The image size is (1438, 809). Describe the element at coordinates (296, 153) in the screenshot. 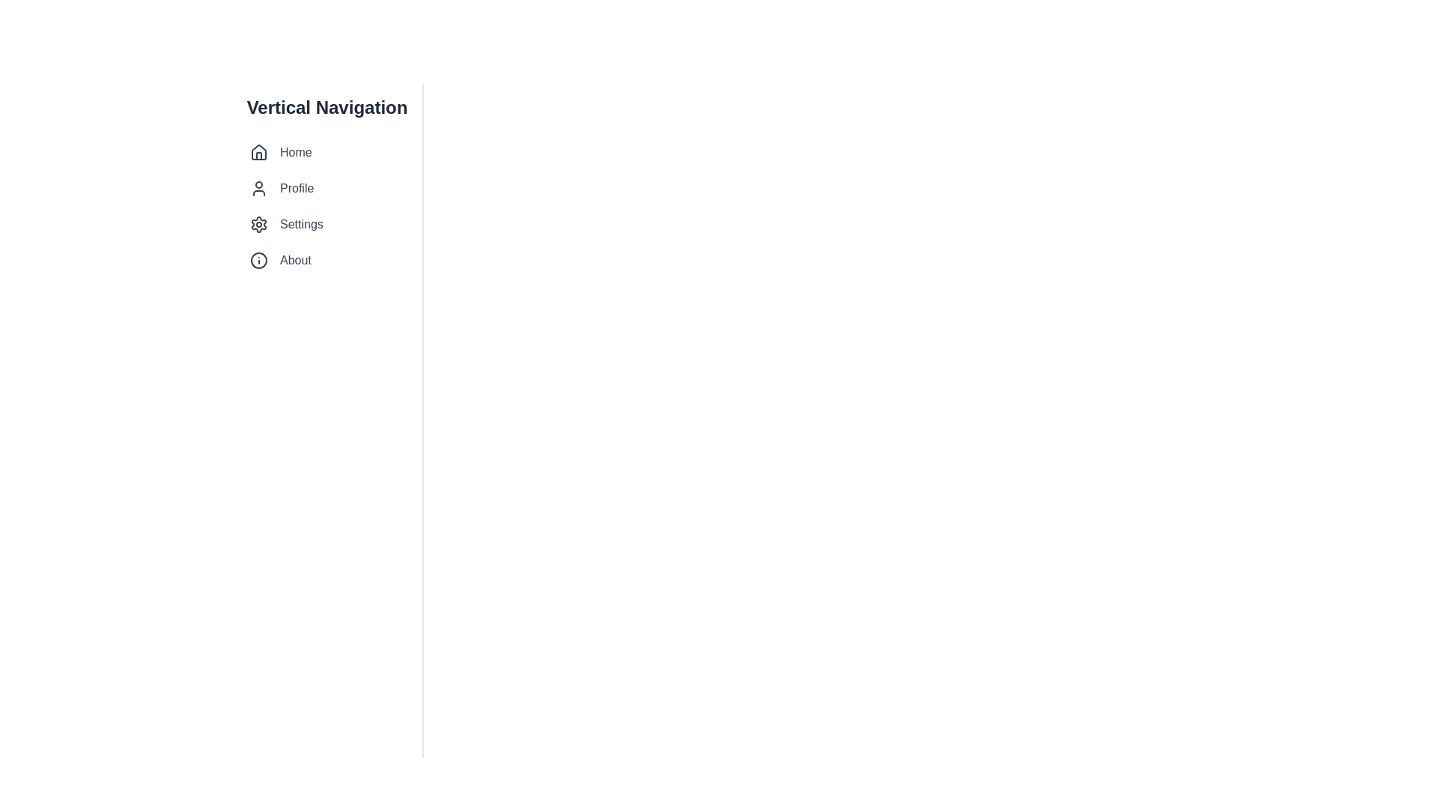

I see `text label that displays the 'Home' navigation option, positioned below the 'Home' icon` at that location.